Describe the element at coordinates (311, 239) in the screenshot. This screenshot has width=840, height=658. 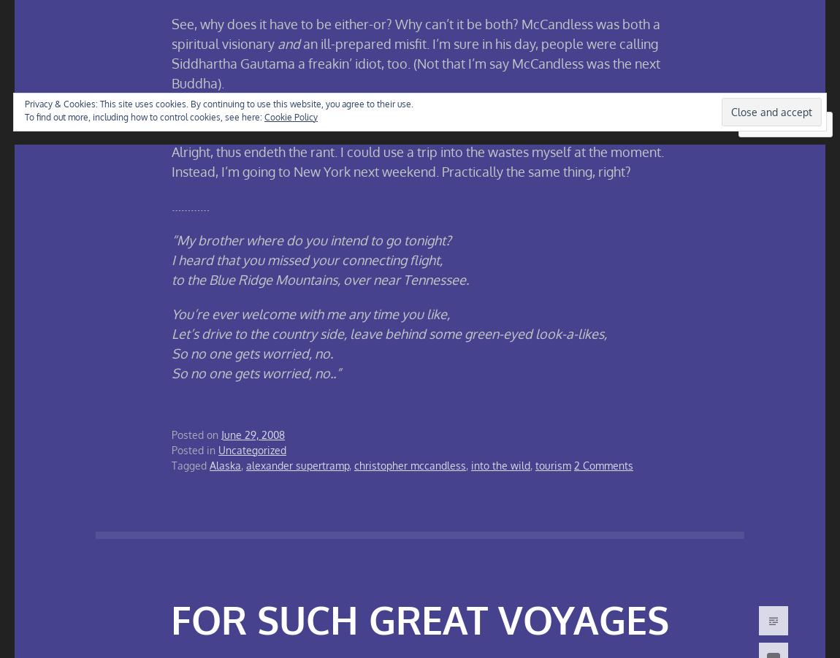
I see `'“My brother where do you intend to go tonight?'` at that location.